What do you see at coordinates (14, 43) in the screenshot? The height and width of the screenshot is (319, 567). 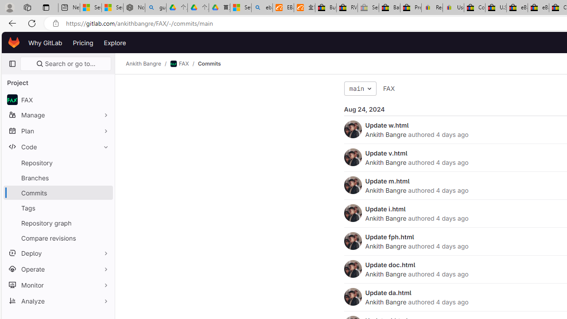 I see `'Homepage'` at bounding box center [14, 43].